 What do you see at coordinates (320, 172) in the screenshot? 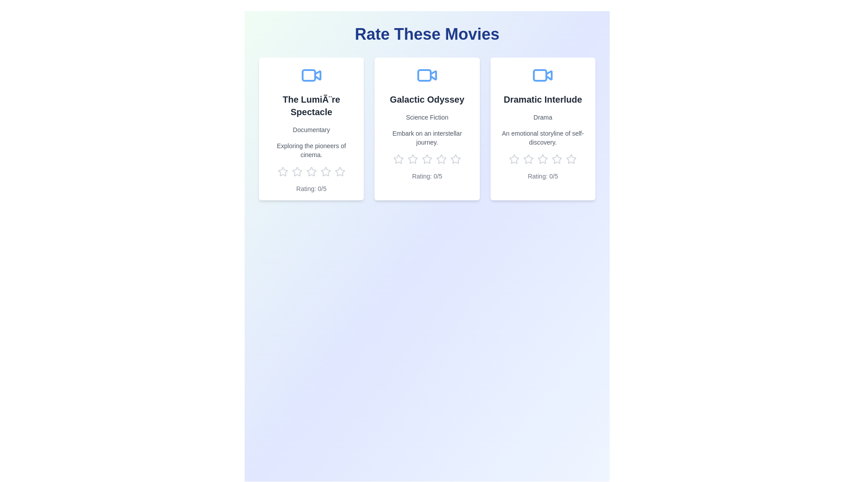
I see `the rating for a movie to 4 stars by clicking on the corresponding star` at bounding box center [320, 172].